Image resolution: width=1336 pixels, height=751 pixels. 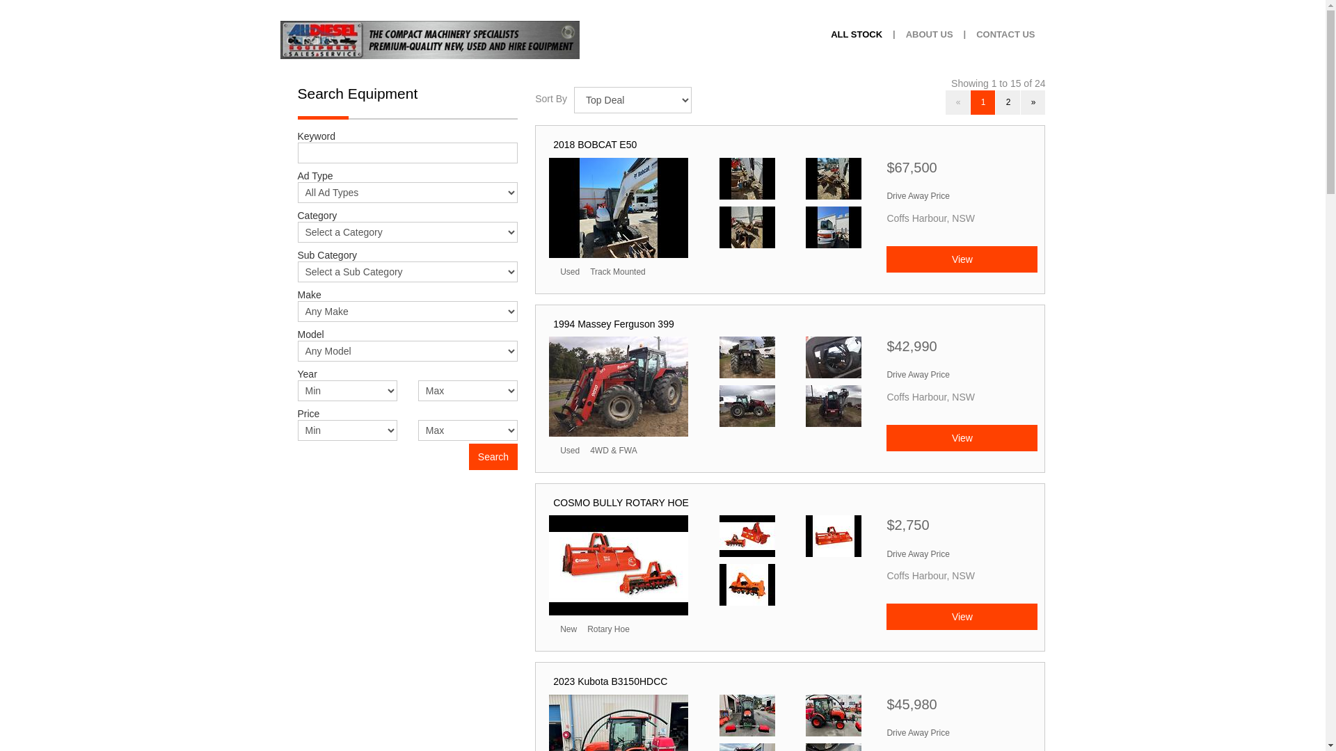 I want to click on 'ABOUT US', so click(x=929, y=34).